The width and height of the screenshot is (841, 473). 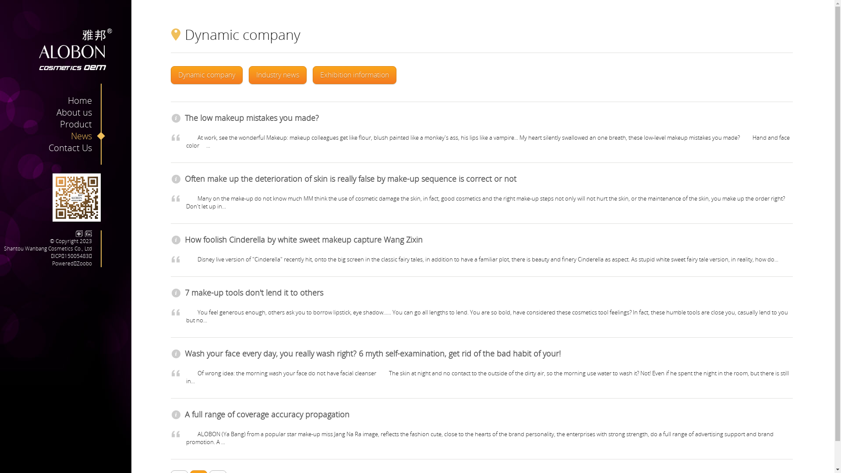 What do you see at coordinates (60, 124) in the screenshot?
I see `'Product'` at bounding box center [60, 124].